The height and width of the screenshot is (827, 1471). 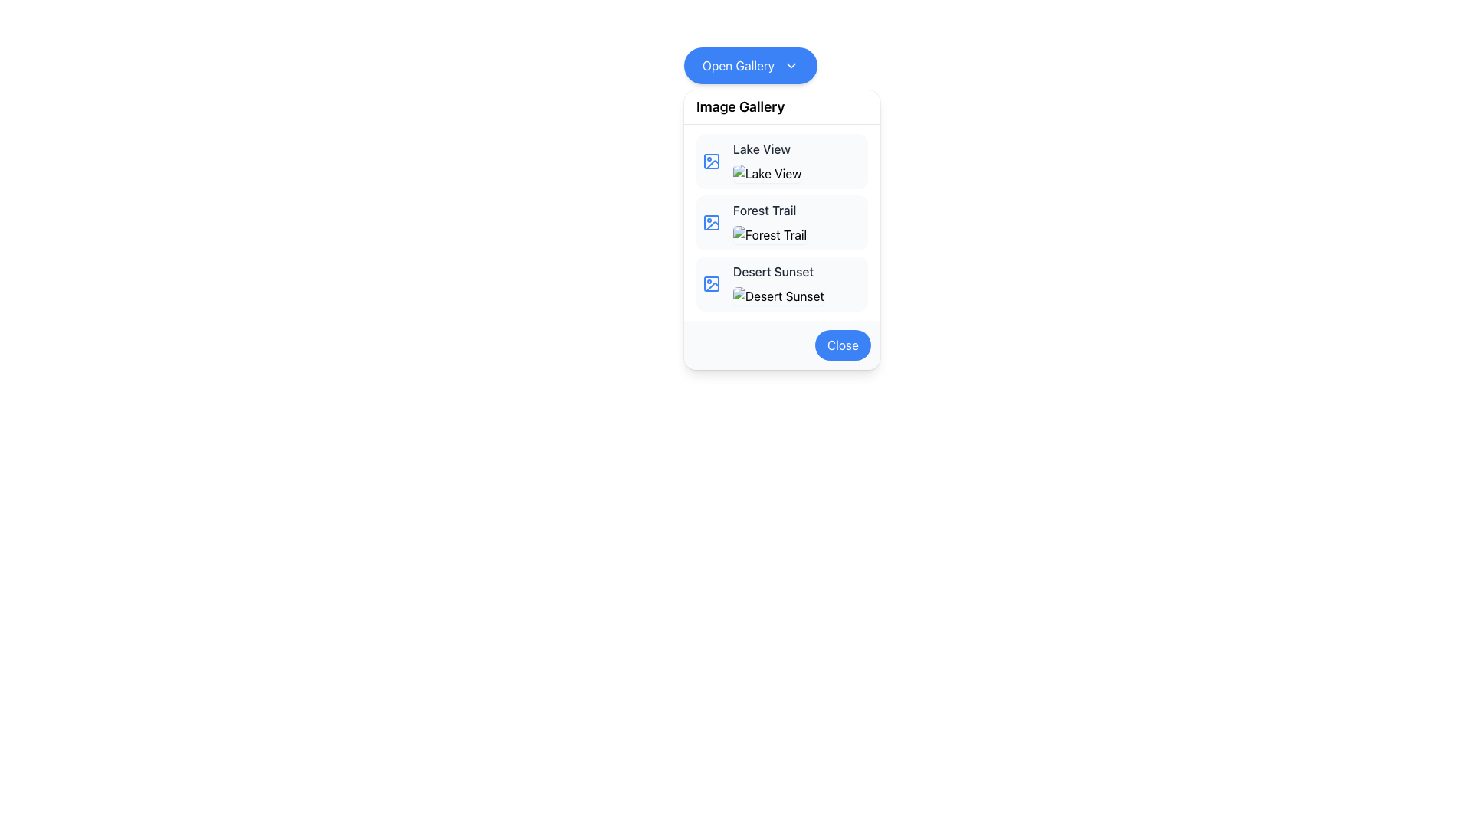 I want to click on the icon representing an image in the 'Image Gallery' menu next to the text 'Lake View', so click(x=710, y=162).